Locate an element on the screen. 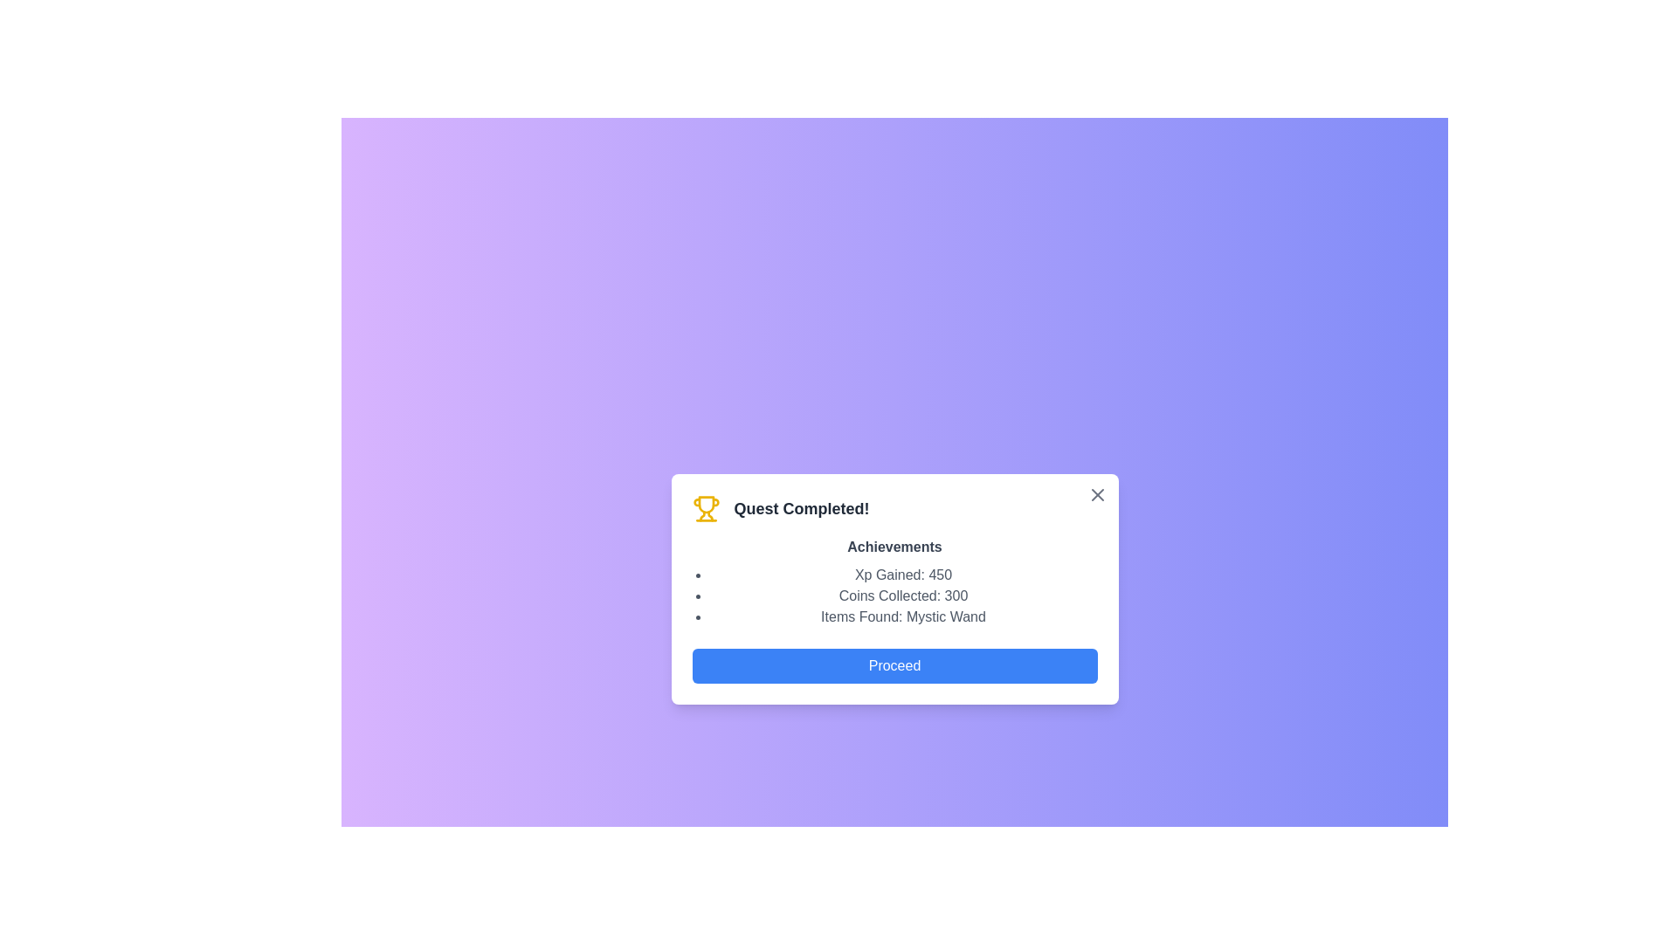 This screenshot has width=1677, height=943. close button to dismiss the alert is located at coordinates (1096, 495).